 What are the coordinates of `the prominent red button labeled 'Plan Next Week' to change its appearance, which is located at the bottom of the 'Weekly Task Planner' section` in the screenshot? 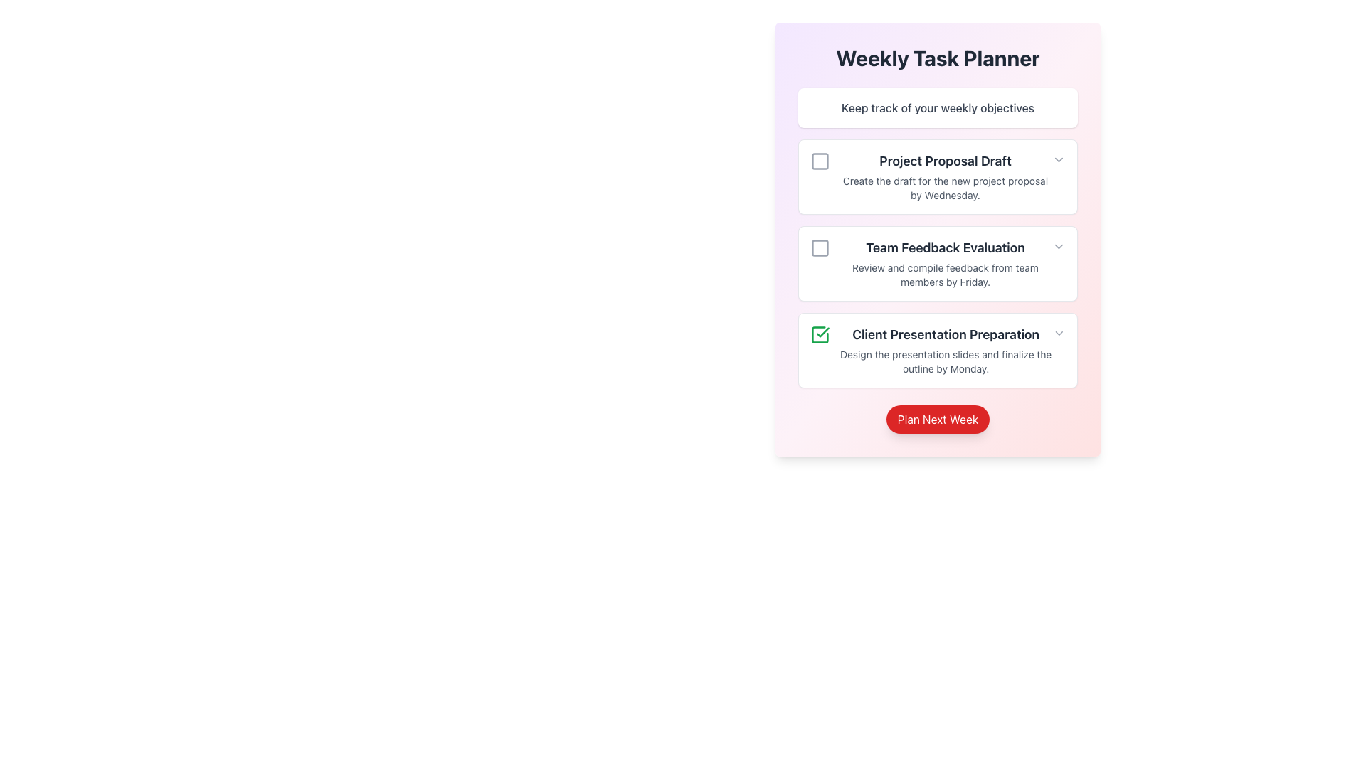 It's located at (938, 419).